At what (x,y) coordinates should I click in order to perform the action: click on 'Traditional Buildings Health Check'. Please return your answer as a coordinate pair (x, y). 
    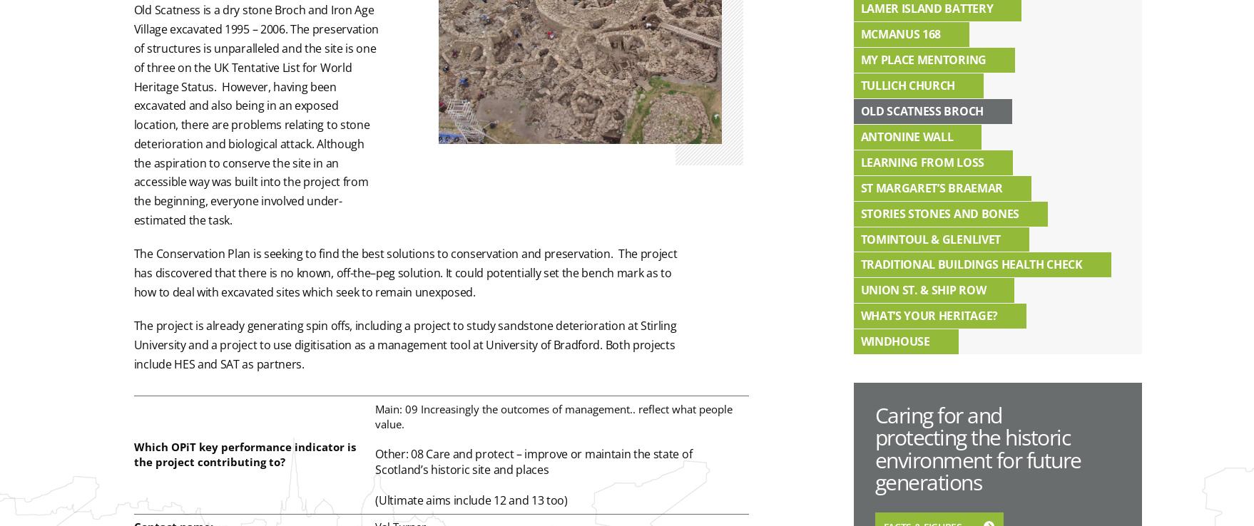
    Looking at the image, I should click on (860, 263).